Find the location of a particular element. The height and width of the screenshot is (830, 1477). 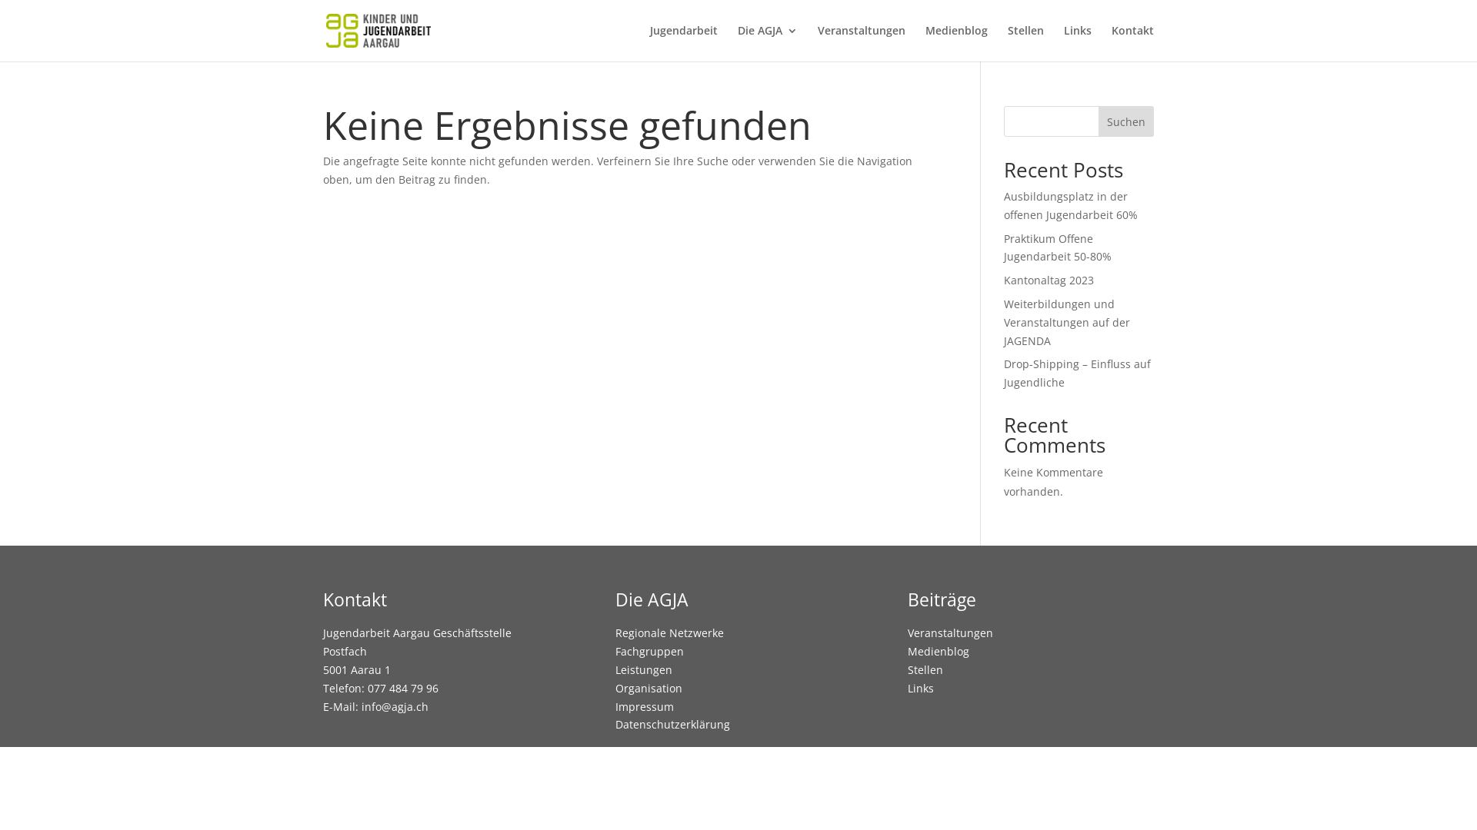

'077 484 79 96' is located at coordinates (402, 687).